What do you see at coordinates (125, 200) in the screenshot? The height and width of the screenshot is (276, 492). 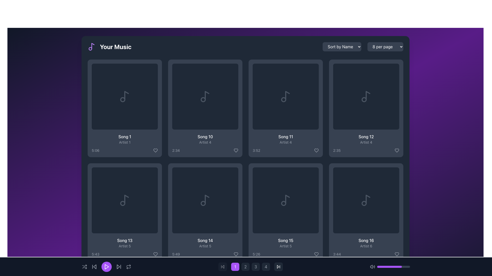 I see `the music icon representing the song entry for 'Song 13' by 'Artist 5', located in the bottom left of the interface` at bounding box center [125, 200].